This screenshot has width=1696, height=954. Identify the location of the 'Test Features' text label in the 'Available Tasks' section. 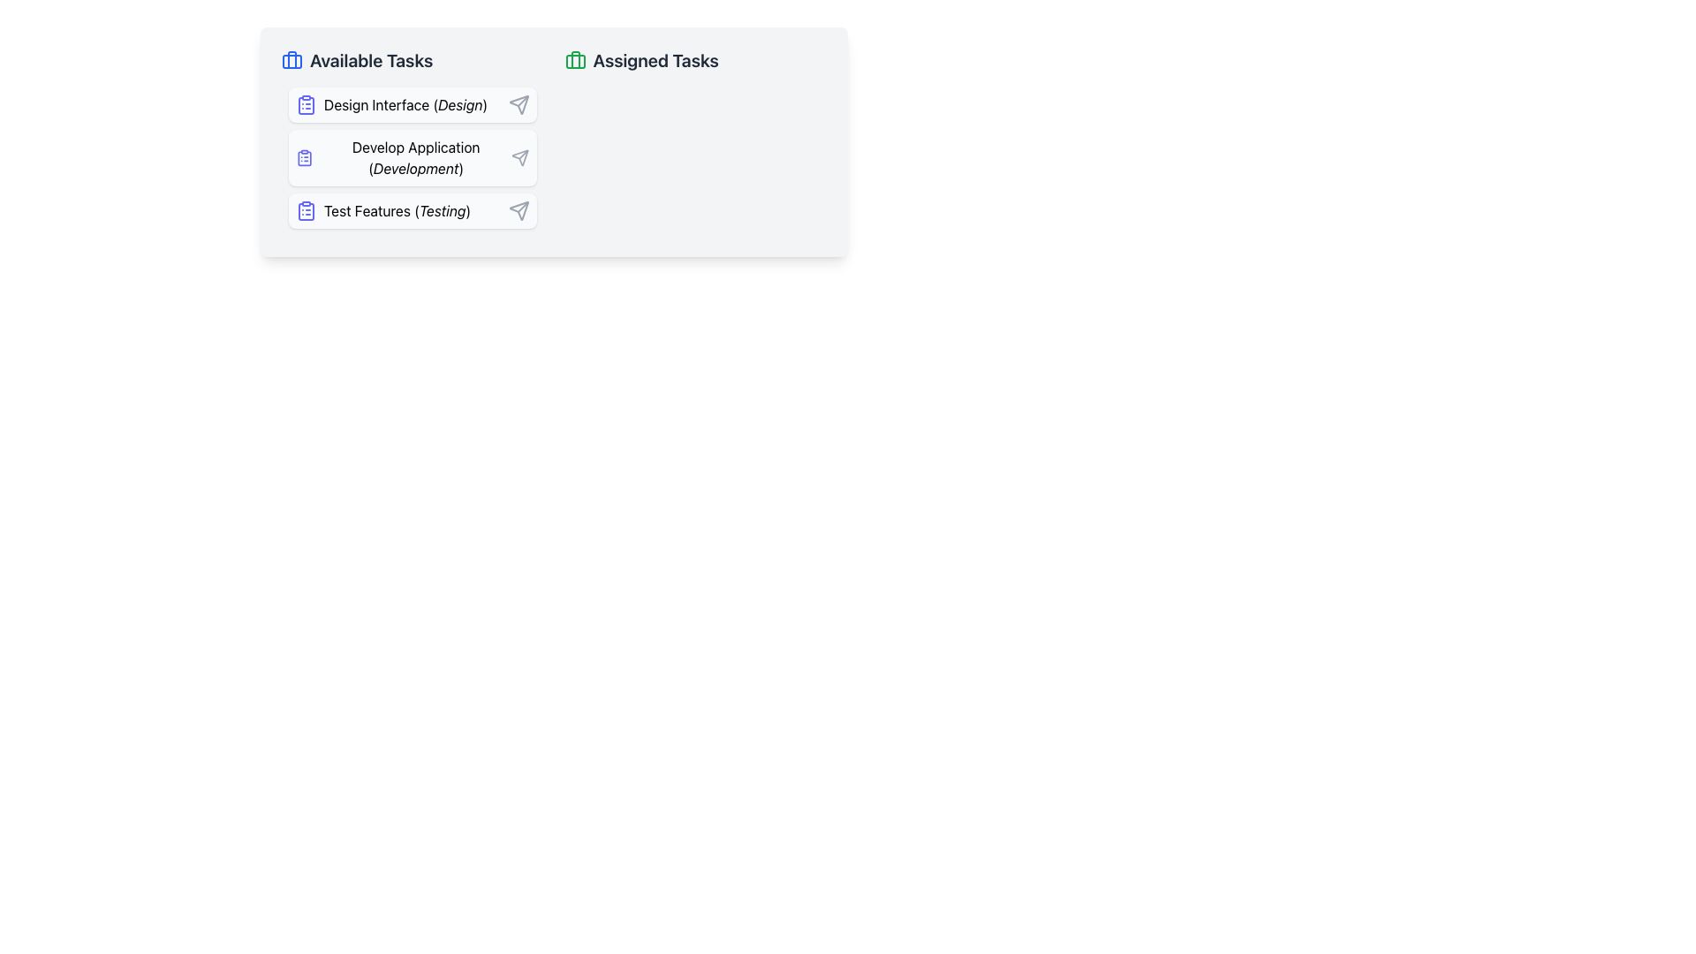
(397, 210).